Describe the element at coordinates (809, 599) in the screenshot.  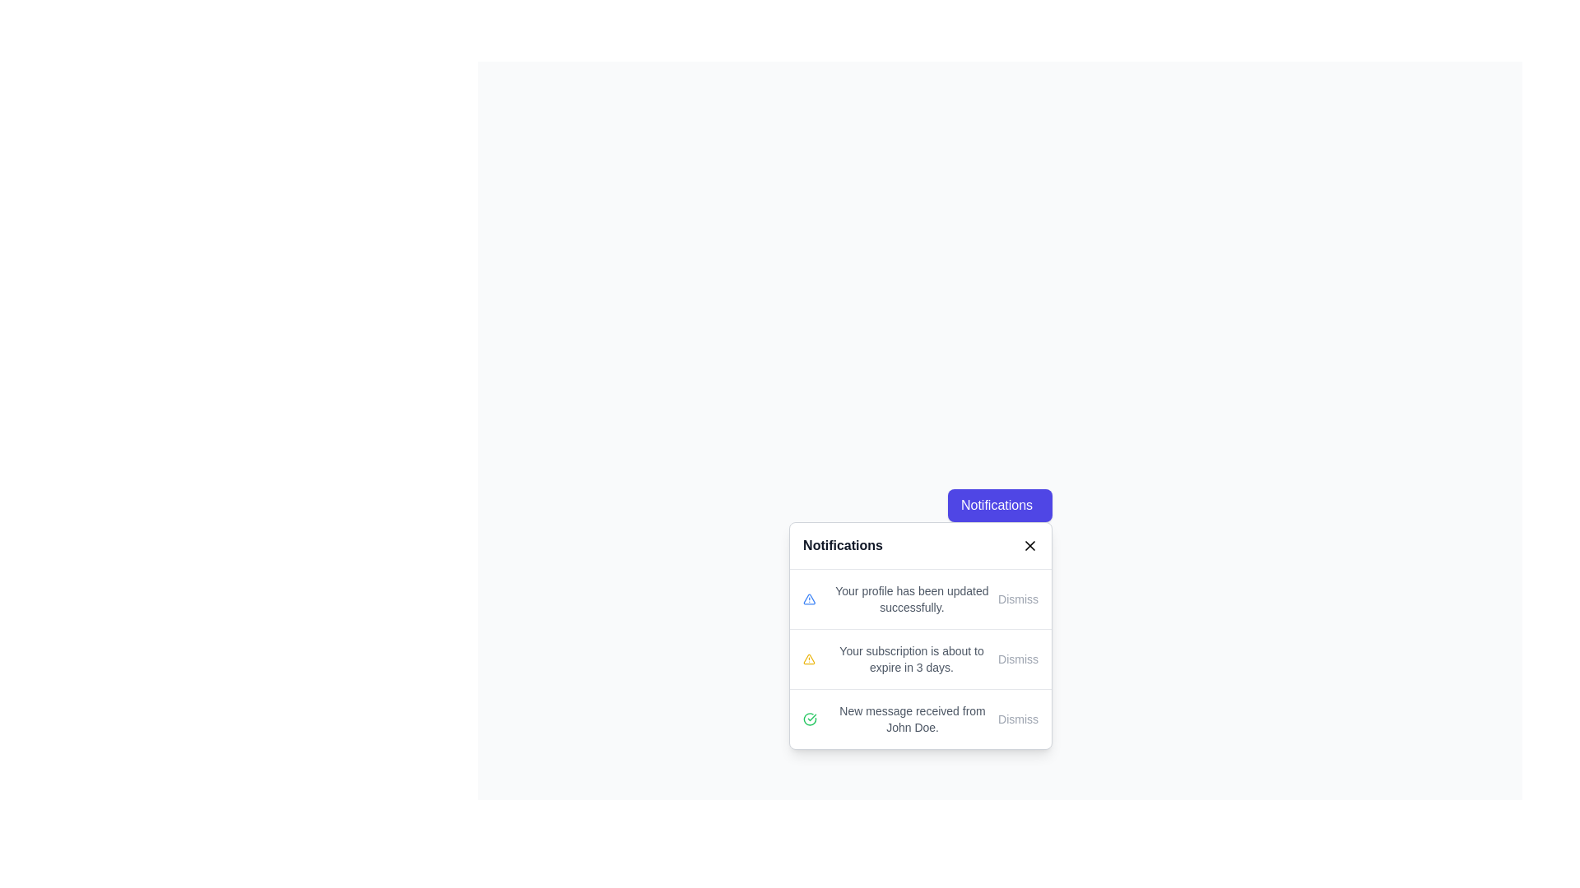
I see `the triangle alert icon, which is styled as a warning symbol with a blue stroke color, located next to the text about subscription expiration in the notification list` at that location.